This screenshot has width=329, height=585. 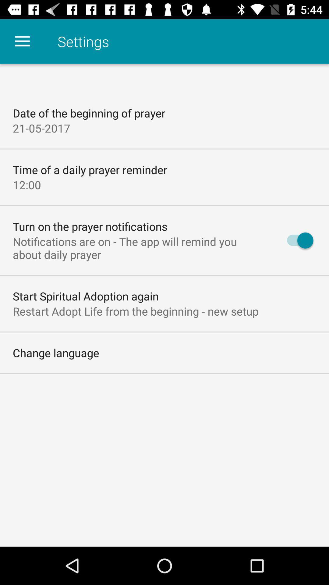 I want to click on item below the settings item, so click(x=297, y=240).